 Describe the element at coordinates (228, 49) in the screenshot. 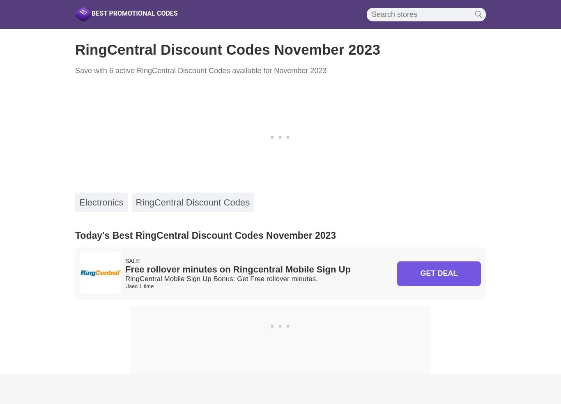

I see `'RingCentral Discount Codes November 2023'` at that location.